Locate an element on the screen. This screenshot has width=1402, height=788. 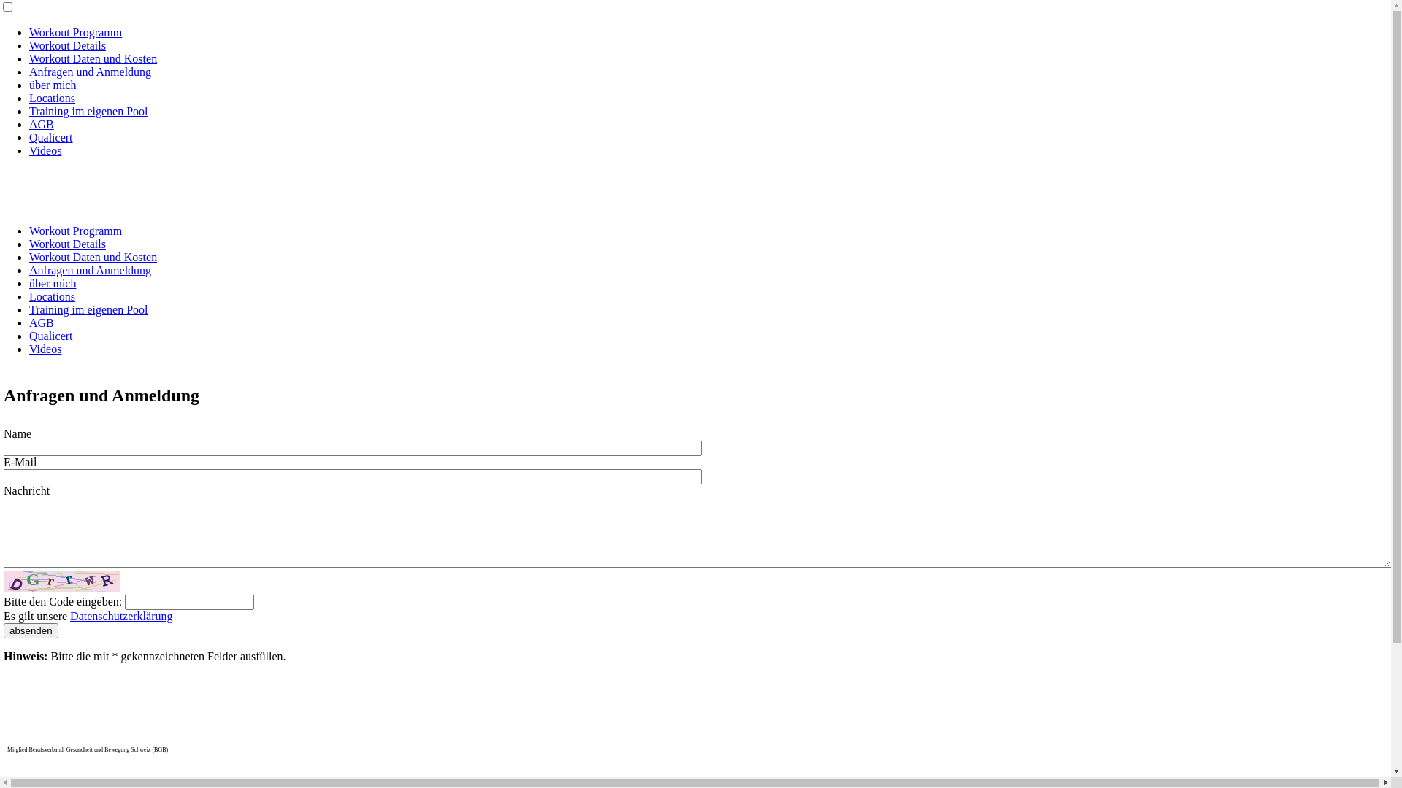
'Workout Daten und Kosten' is located at coordinates (28, 58).